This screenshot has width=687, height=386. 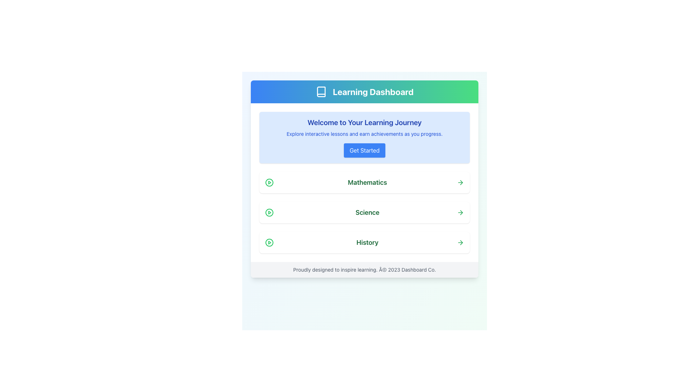 I want to click on the informational text element that provides descriptive text below the main title 'Welcome to Your Learning Journey' and above the button 'Get Started', so click(x=364, y=134).